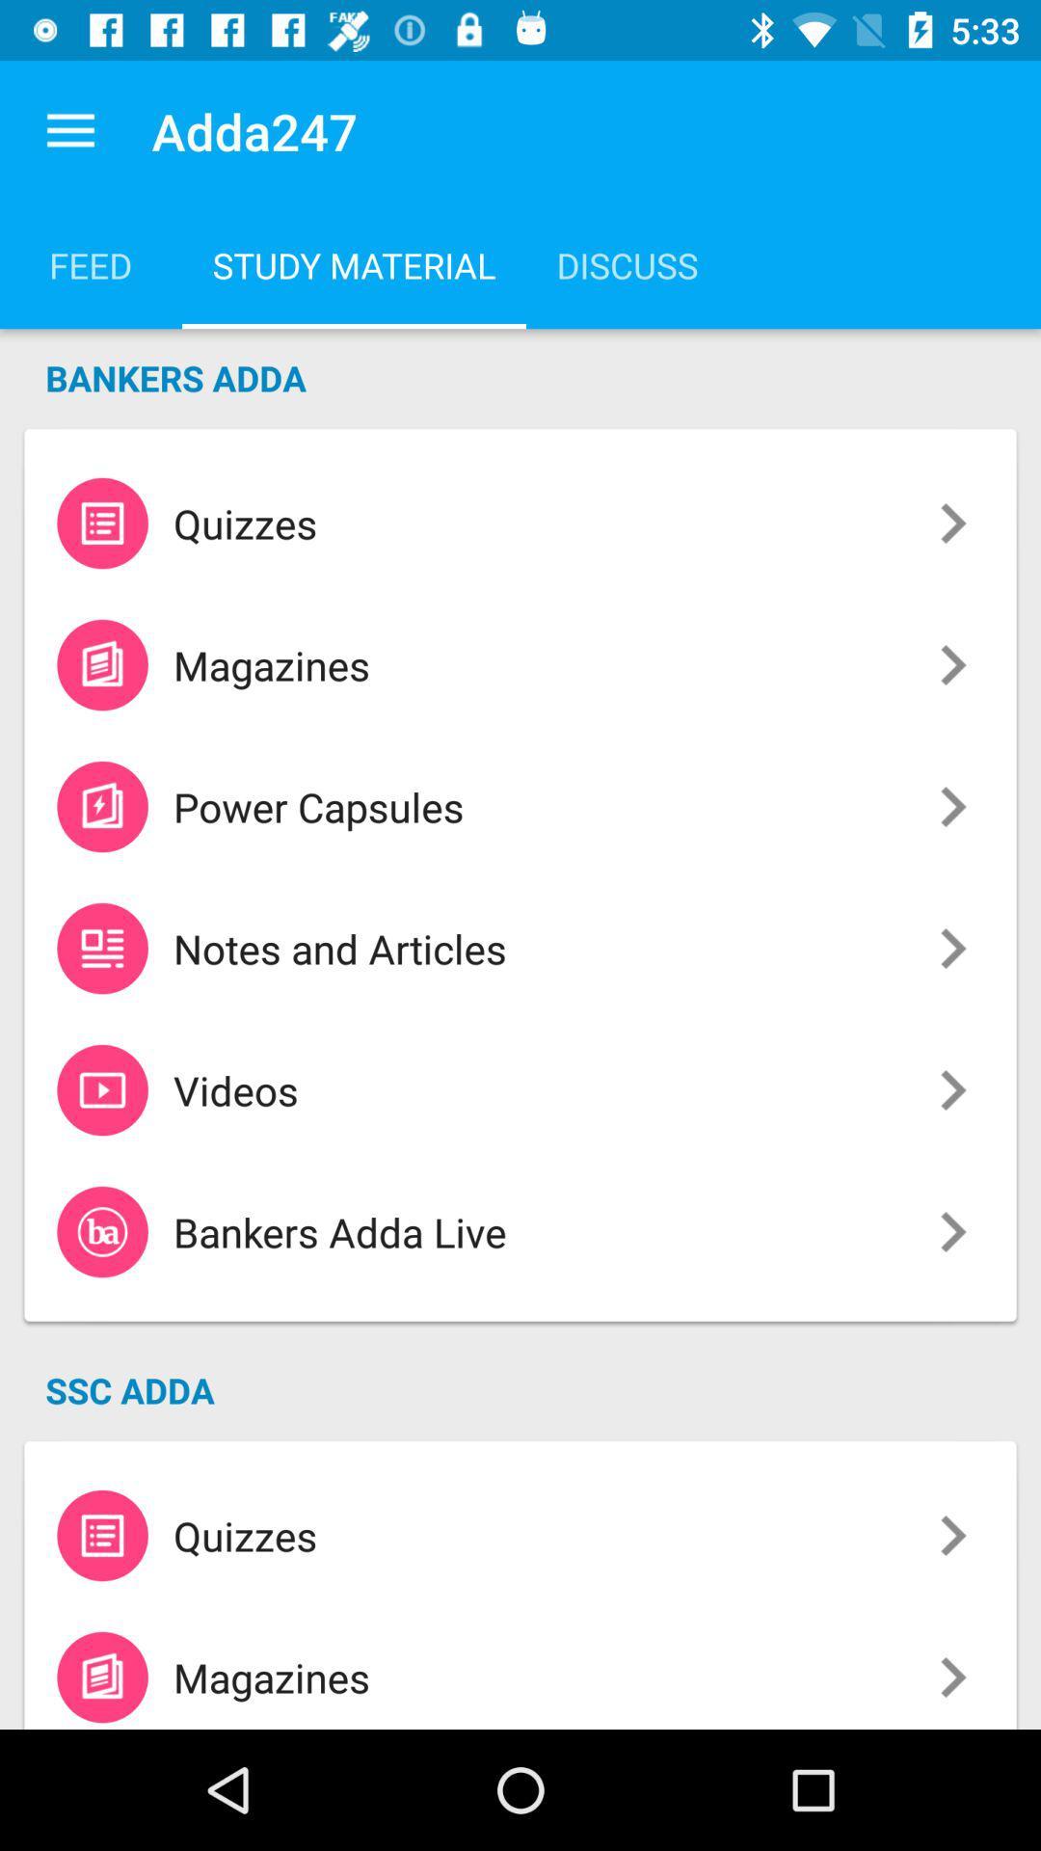  I want to click on icon above the feed item, so click(69, 130).